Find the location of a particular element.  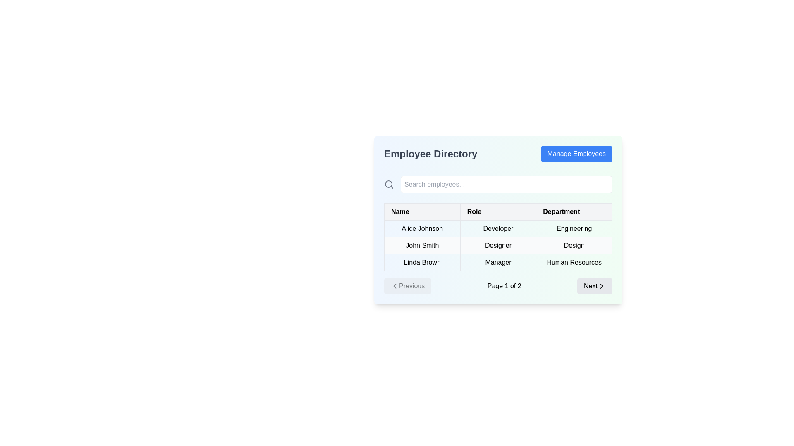

the 'Role' text label for 'John Smith' in the table which displays job titles is located at coordinates (497, 245).